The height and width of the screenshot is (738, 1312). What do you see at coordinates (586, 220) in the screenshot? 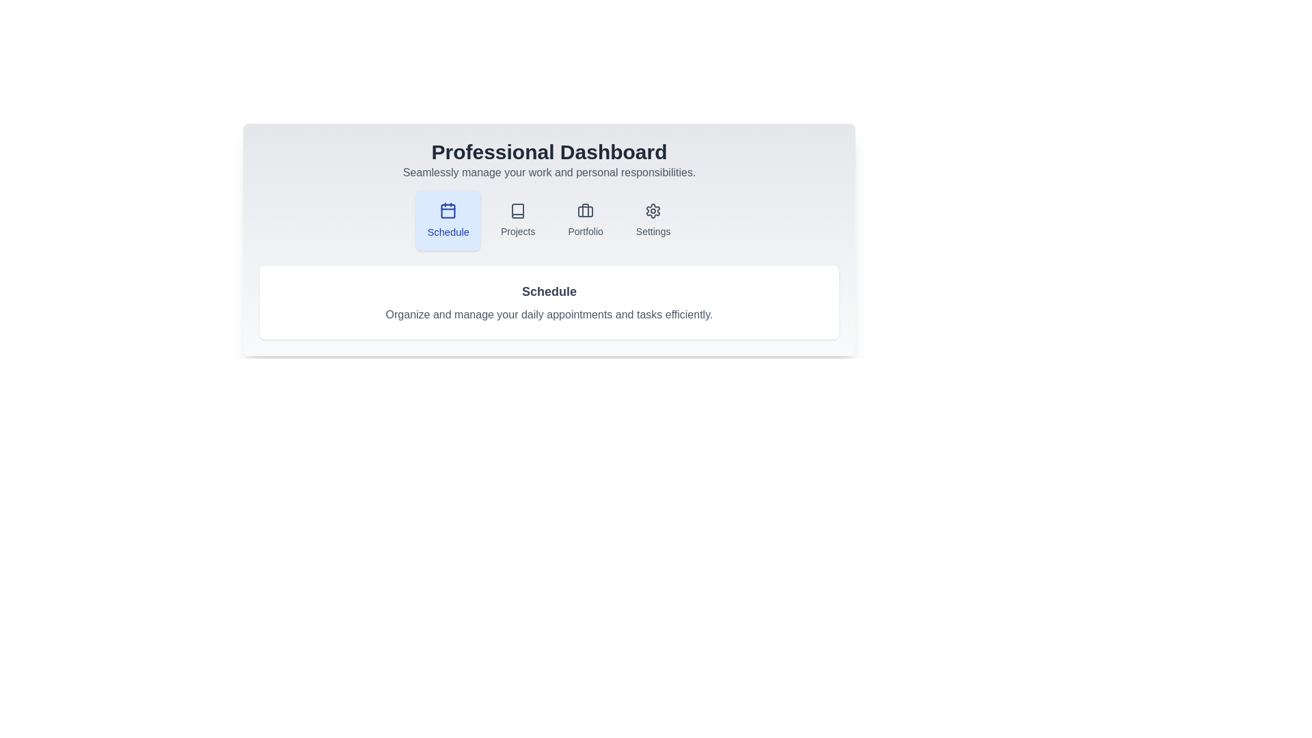
I see `the tab associated with Portfolio` at bounding box center [586, 220].